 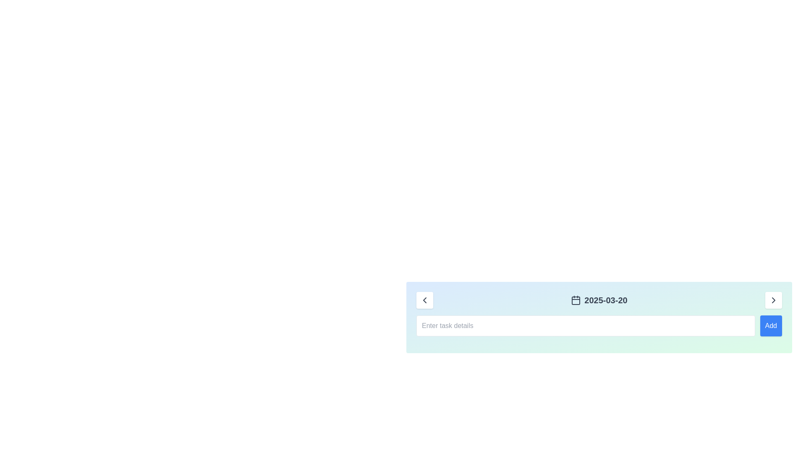 What do you see at coordinates (576, 300) in the screenshot?
I see `the calendar icon, which has a clean and minimalistic design, characterized by dark gray strokes and is located to the left of the text '2025-03-20'` at bounding box center [576, 300].